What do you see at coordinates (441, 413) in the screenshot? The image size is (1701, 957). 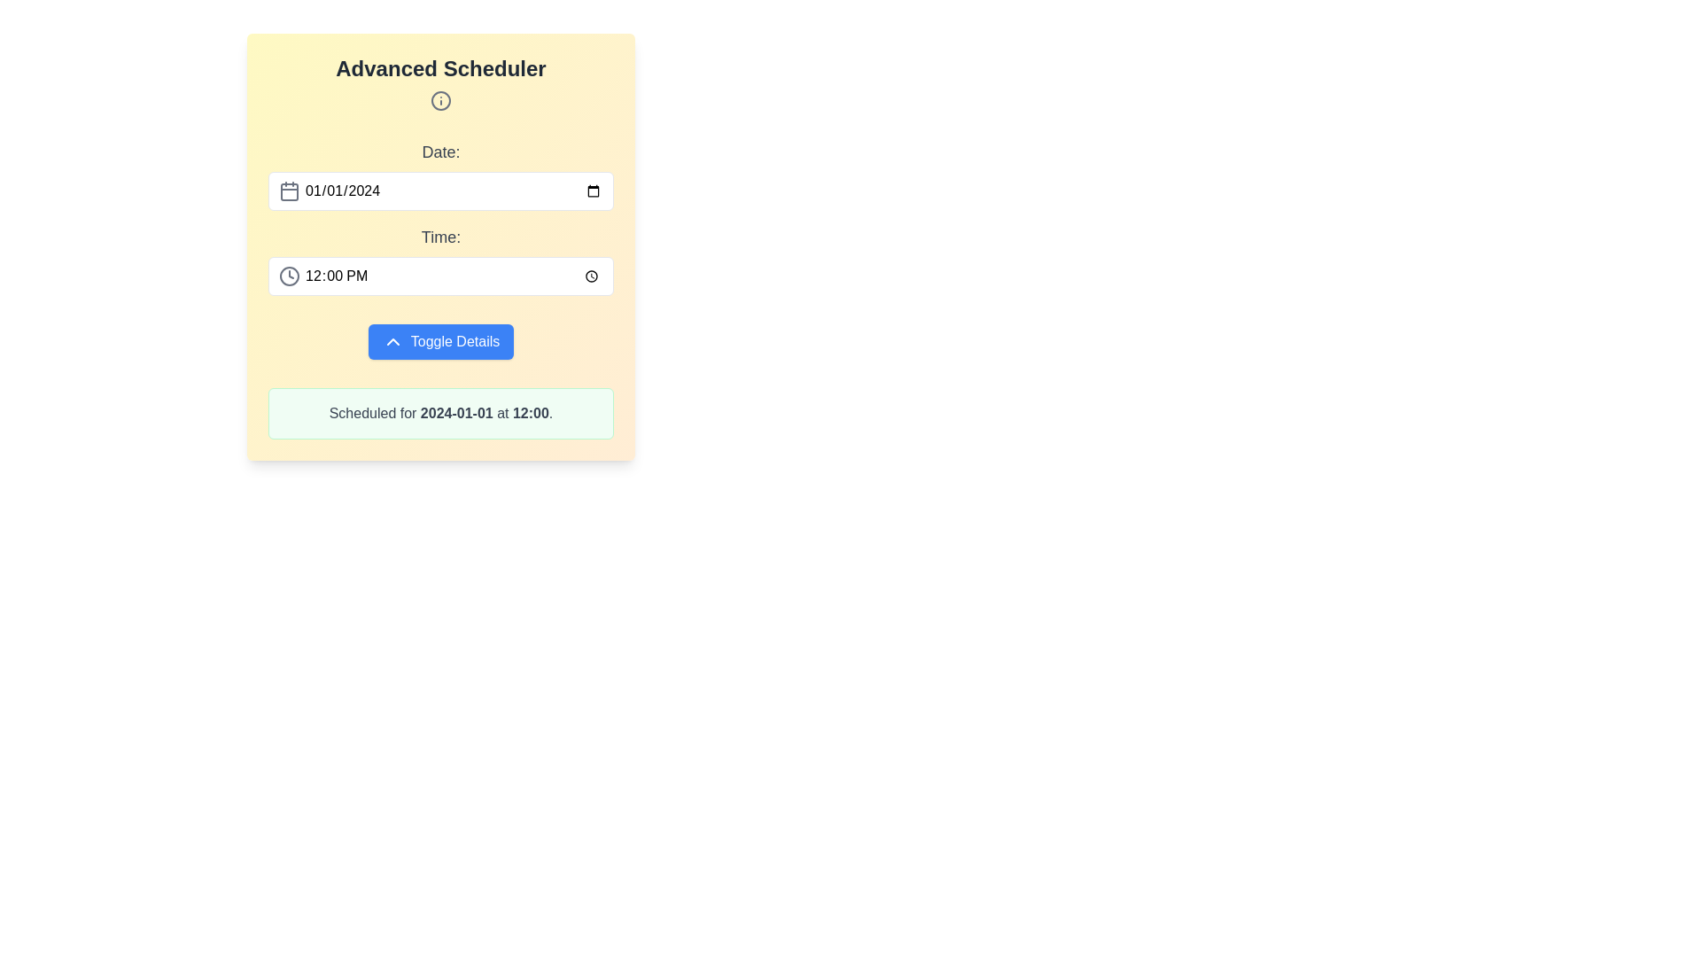 I see `the static text label displaying 'Scheduled for 2024-01-01 at 12:00.' which is located at the bottom of a green notification panel` at bounding box center [441, 413].